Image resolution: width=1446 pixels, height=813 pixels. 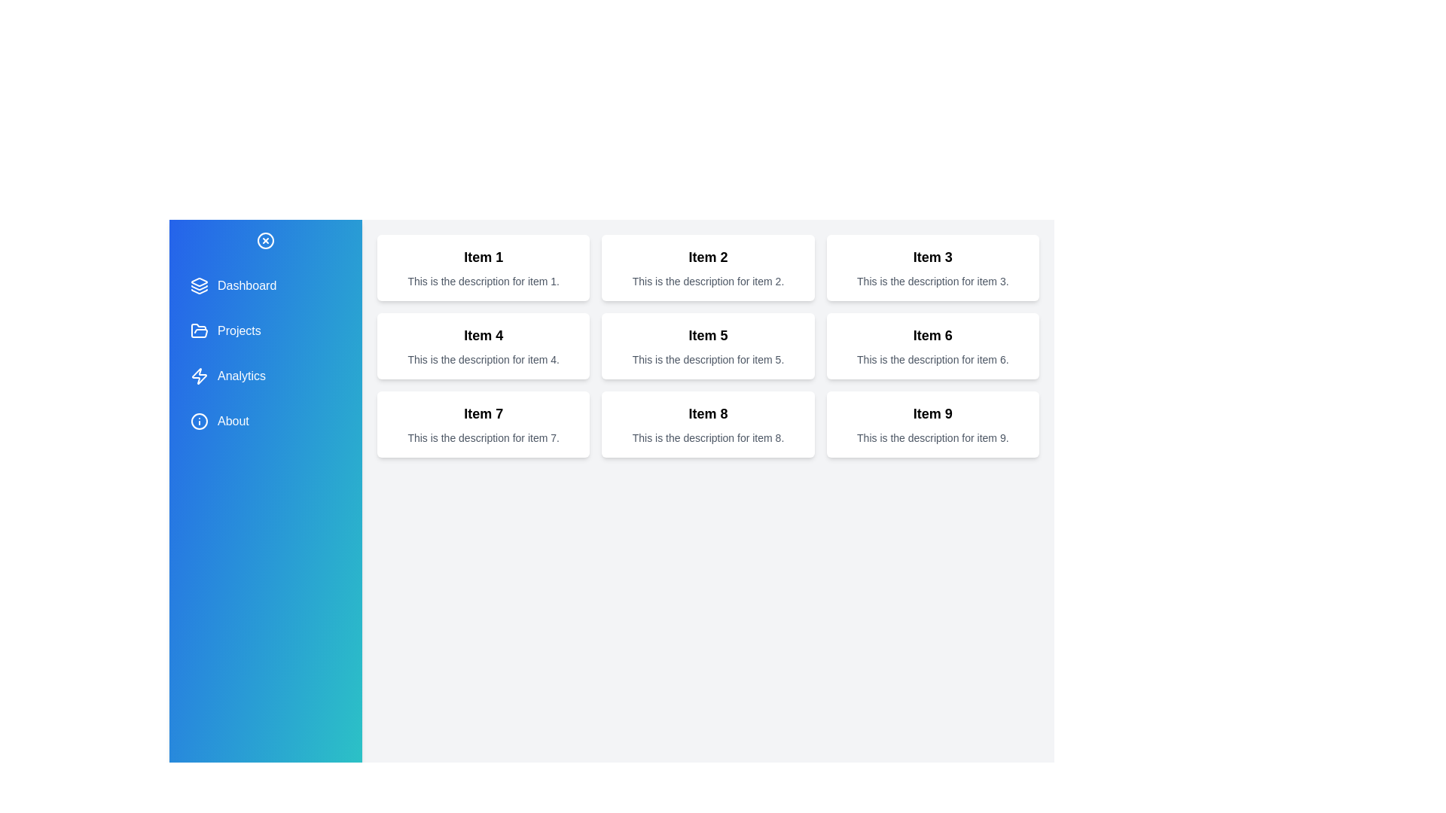 I want to click on the menu item 'Projects' to observe its hover effect, so click(x=266, y=330).